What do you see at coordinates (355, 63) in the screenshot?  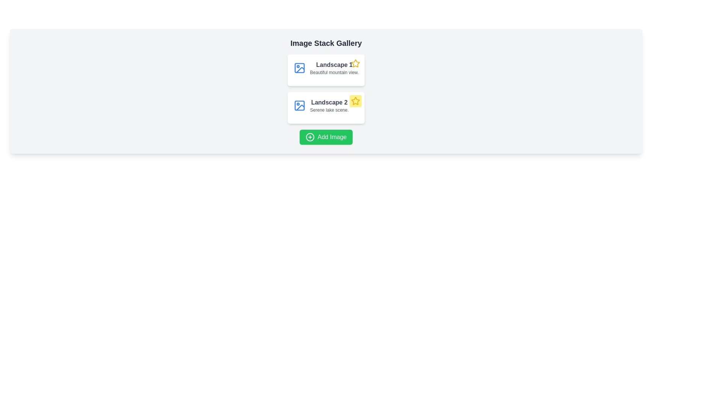 I see `the star-shaped button with a yellow outline located at the top-right corner of the card interface for 'Landscape 1'` at bounding box center [355, 63].